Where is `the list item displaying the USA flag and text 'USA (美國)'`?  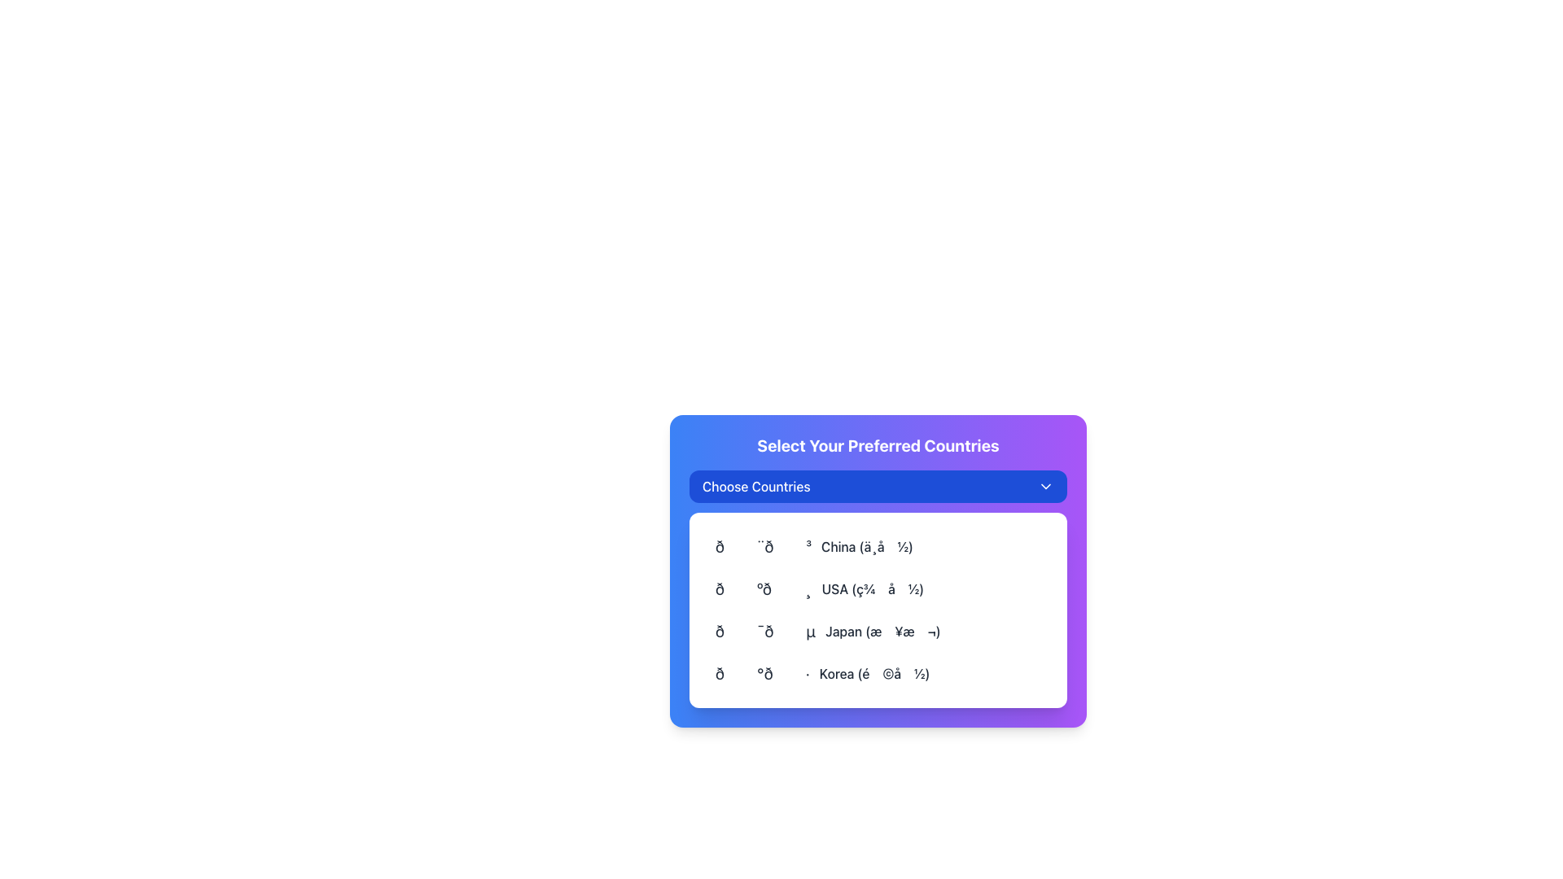
the list item displaying the USA flag and text 'USA (美國)' is located at coordinates (820, 589).